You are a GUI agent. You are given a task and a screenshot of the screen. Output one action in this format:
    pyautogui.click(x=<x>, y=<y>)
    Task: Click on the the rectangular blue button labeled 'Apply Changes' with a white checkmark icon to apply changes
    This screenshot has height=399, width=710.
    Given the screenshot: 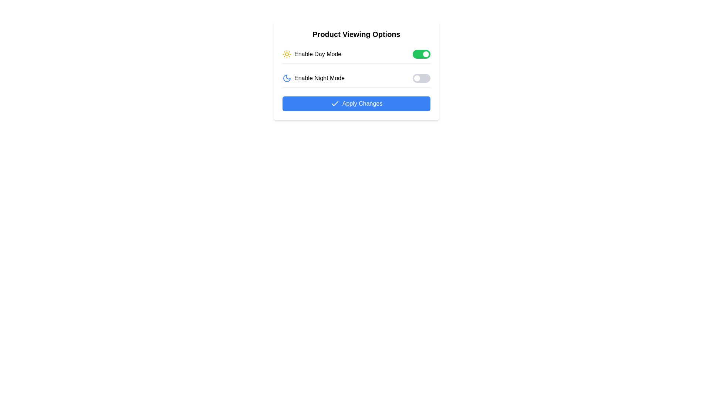 What is the action you would take?
    pyautogui.click(x=356, y=104)
    